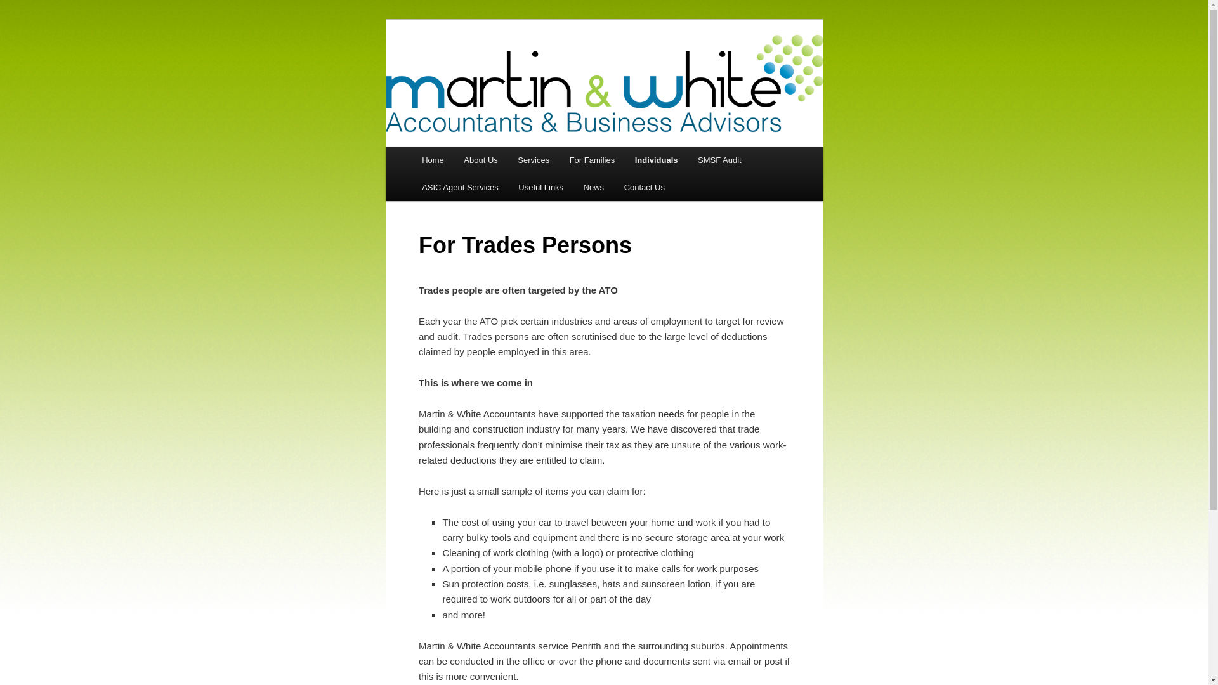 This screenshot has width=1218, height=685. Describe the element at coordinates (495, 66) in the screenshot. I see `'Martin and White'` at that location.